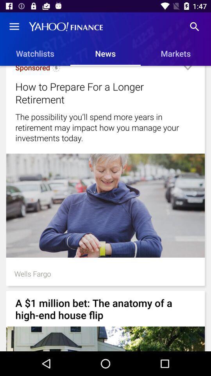 The height and width of the screenshot is (376, 211). I want to click on icon above watchlists icon, so click(14, 27).